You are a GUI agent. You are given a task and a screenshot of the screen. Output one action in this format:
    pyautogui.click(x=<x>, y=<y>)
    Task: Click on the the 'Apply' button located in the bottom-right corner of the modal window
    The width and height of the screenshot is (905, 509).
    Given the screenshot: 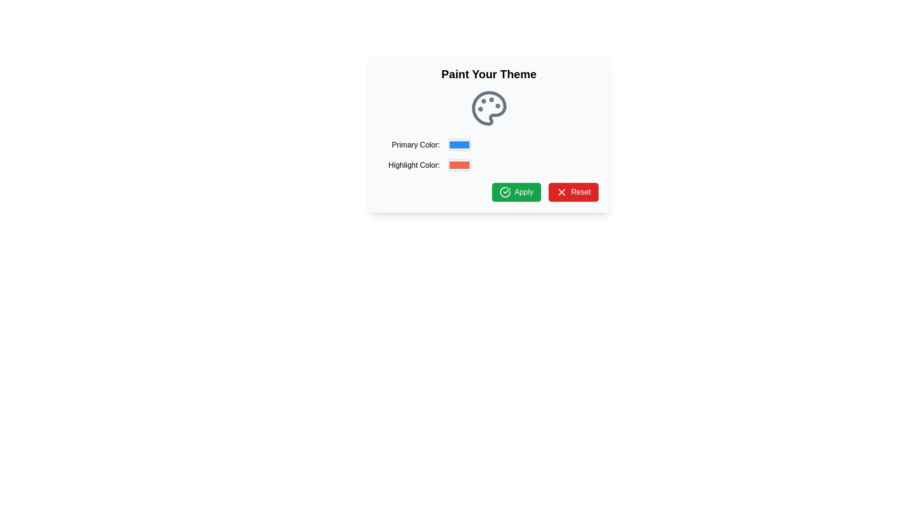 What is the action you would take?
    pyautogui.click(x=516, y=192)
    